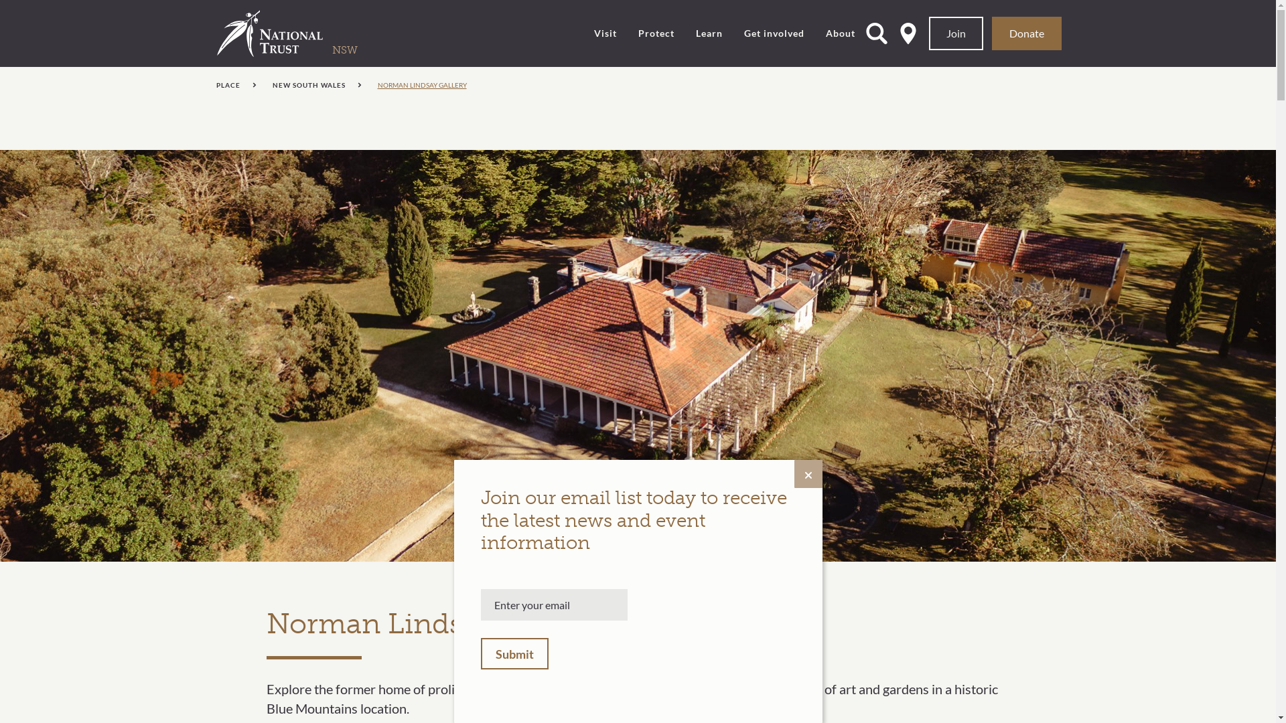 This screenshot has width=1286, height=723. What do you see at coordinates (908, 33) in the screenshot?
I see `'Select State'` at bounding box center [908, 33].